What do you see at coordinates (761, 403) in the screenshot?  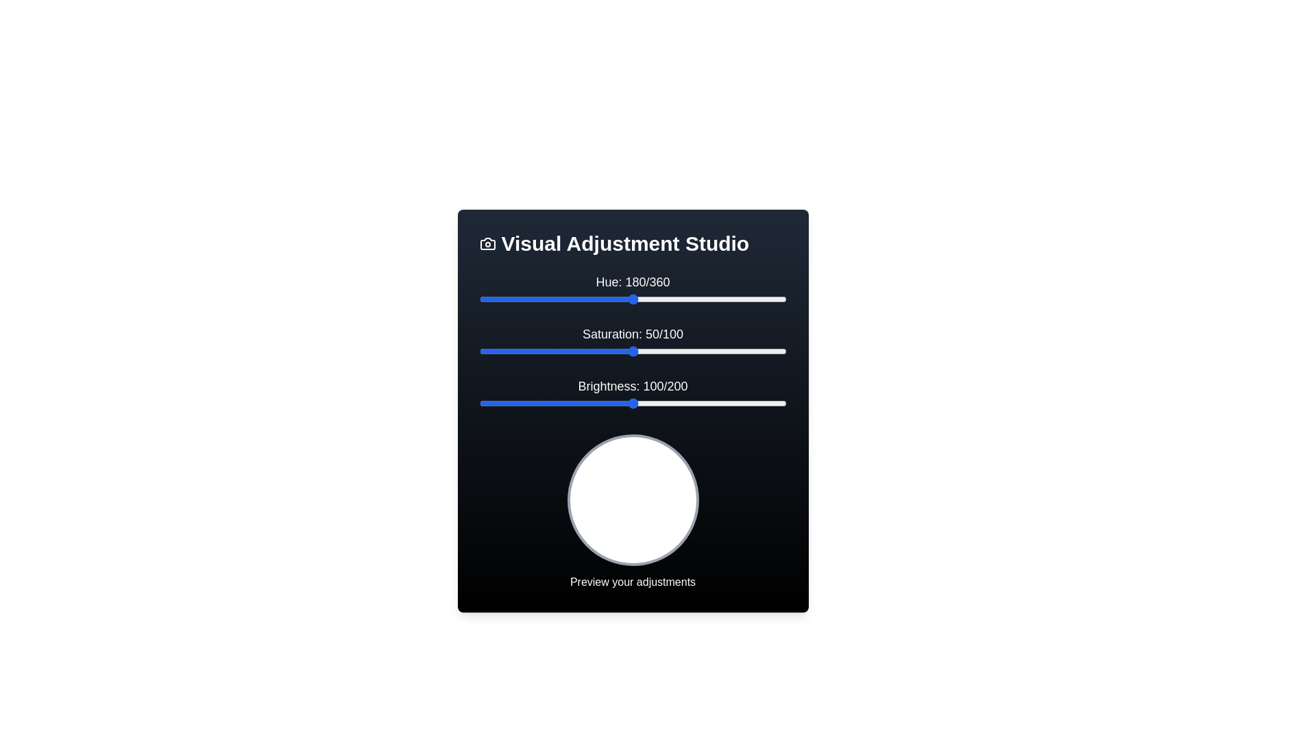 I see `the 'Brightness' slider to 184 value` at bounding box center [761, 403].